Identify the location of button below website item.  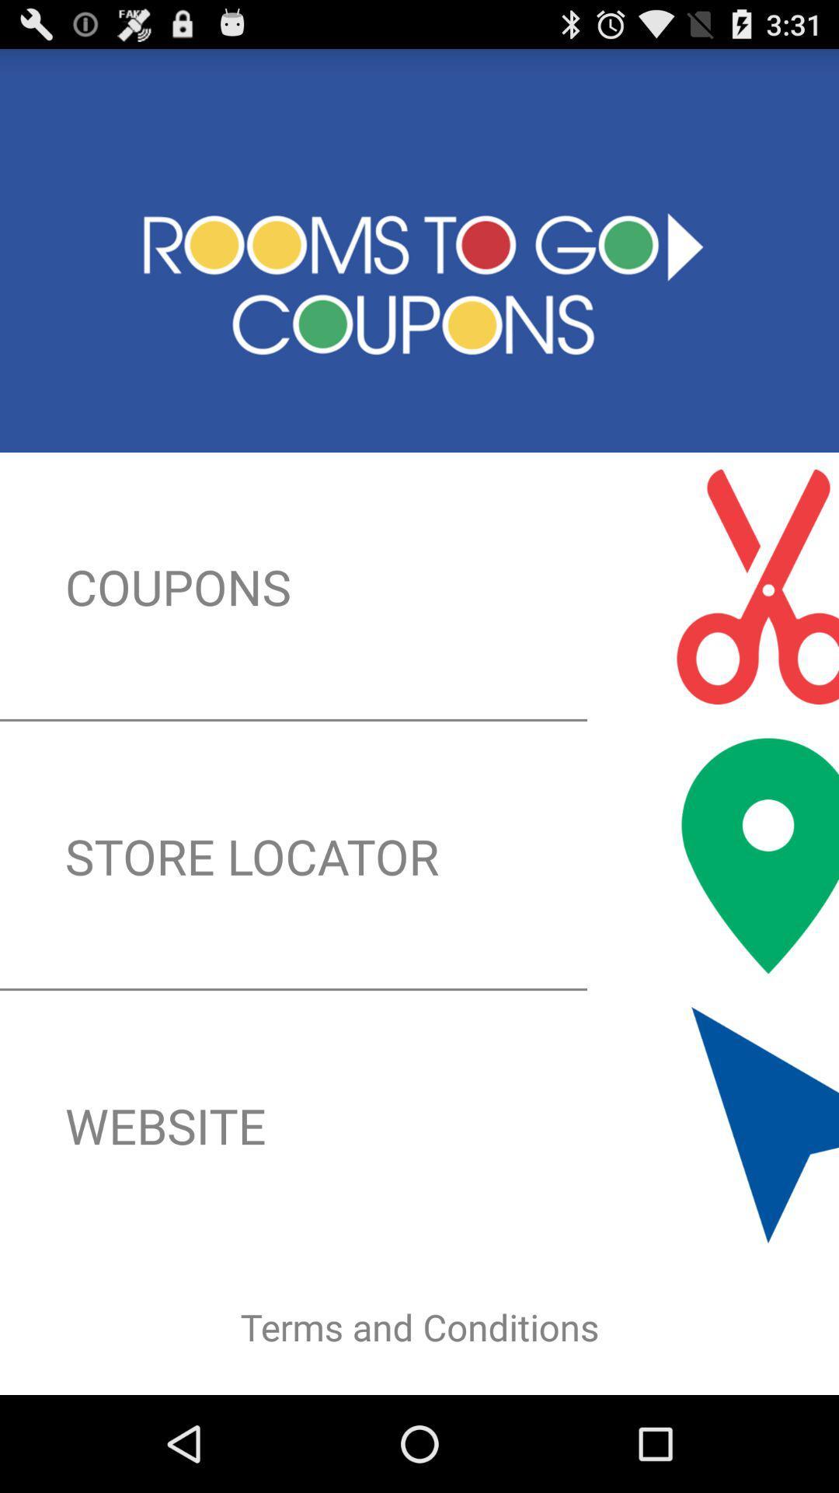
(419, 1327).